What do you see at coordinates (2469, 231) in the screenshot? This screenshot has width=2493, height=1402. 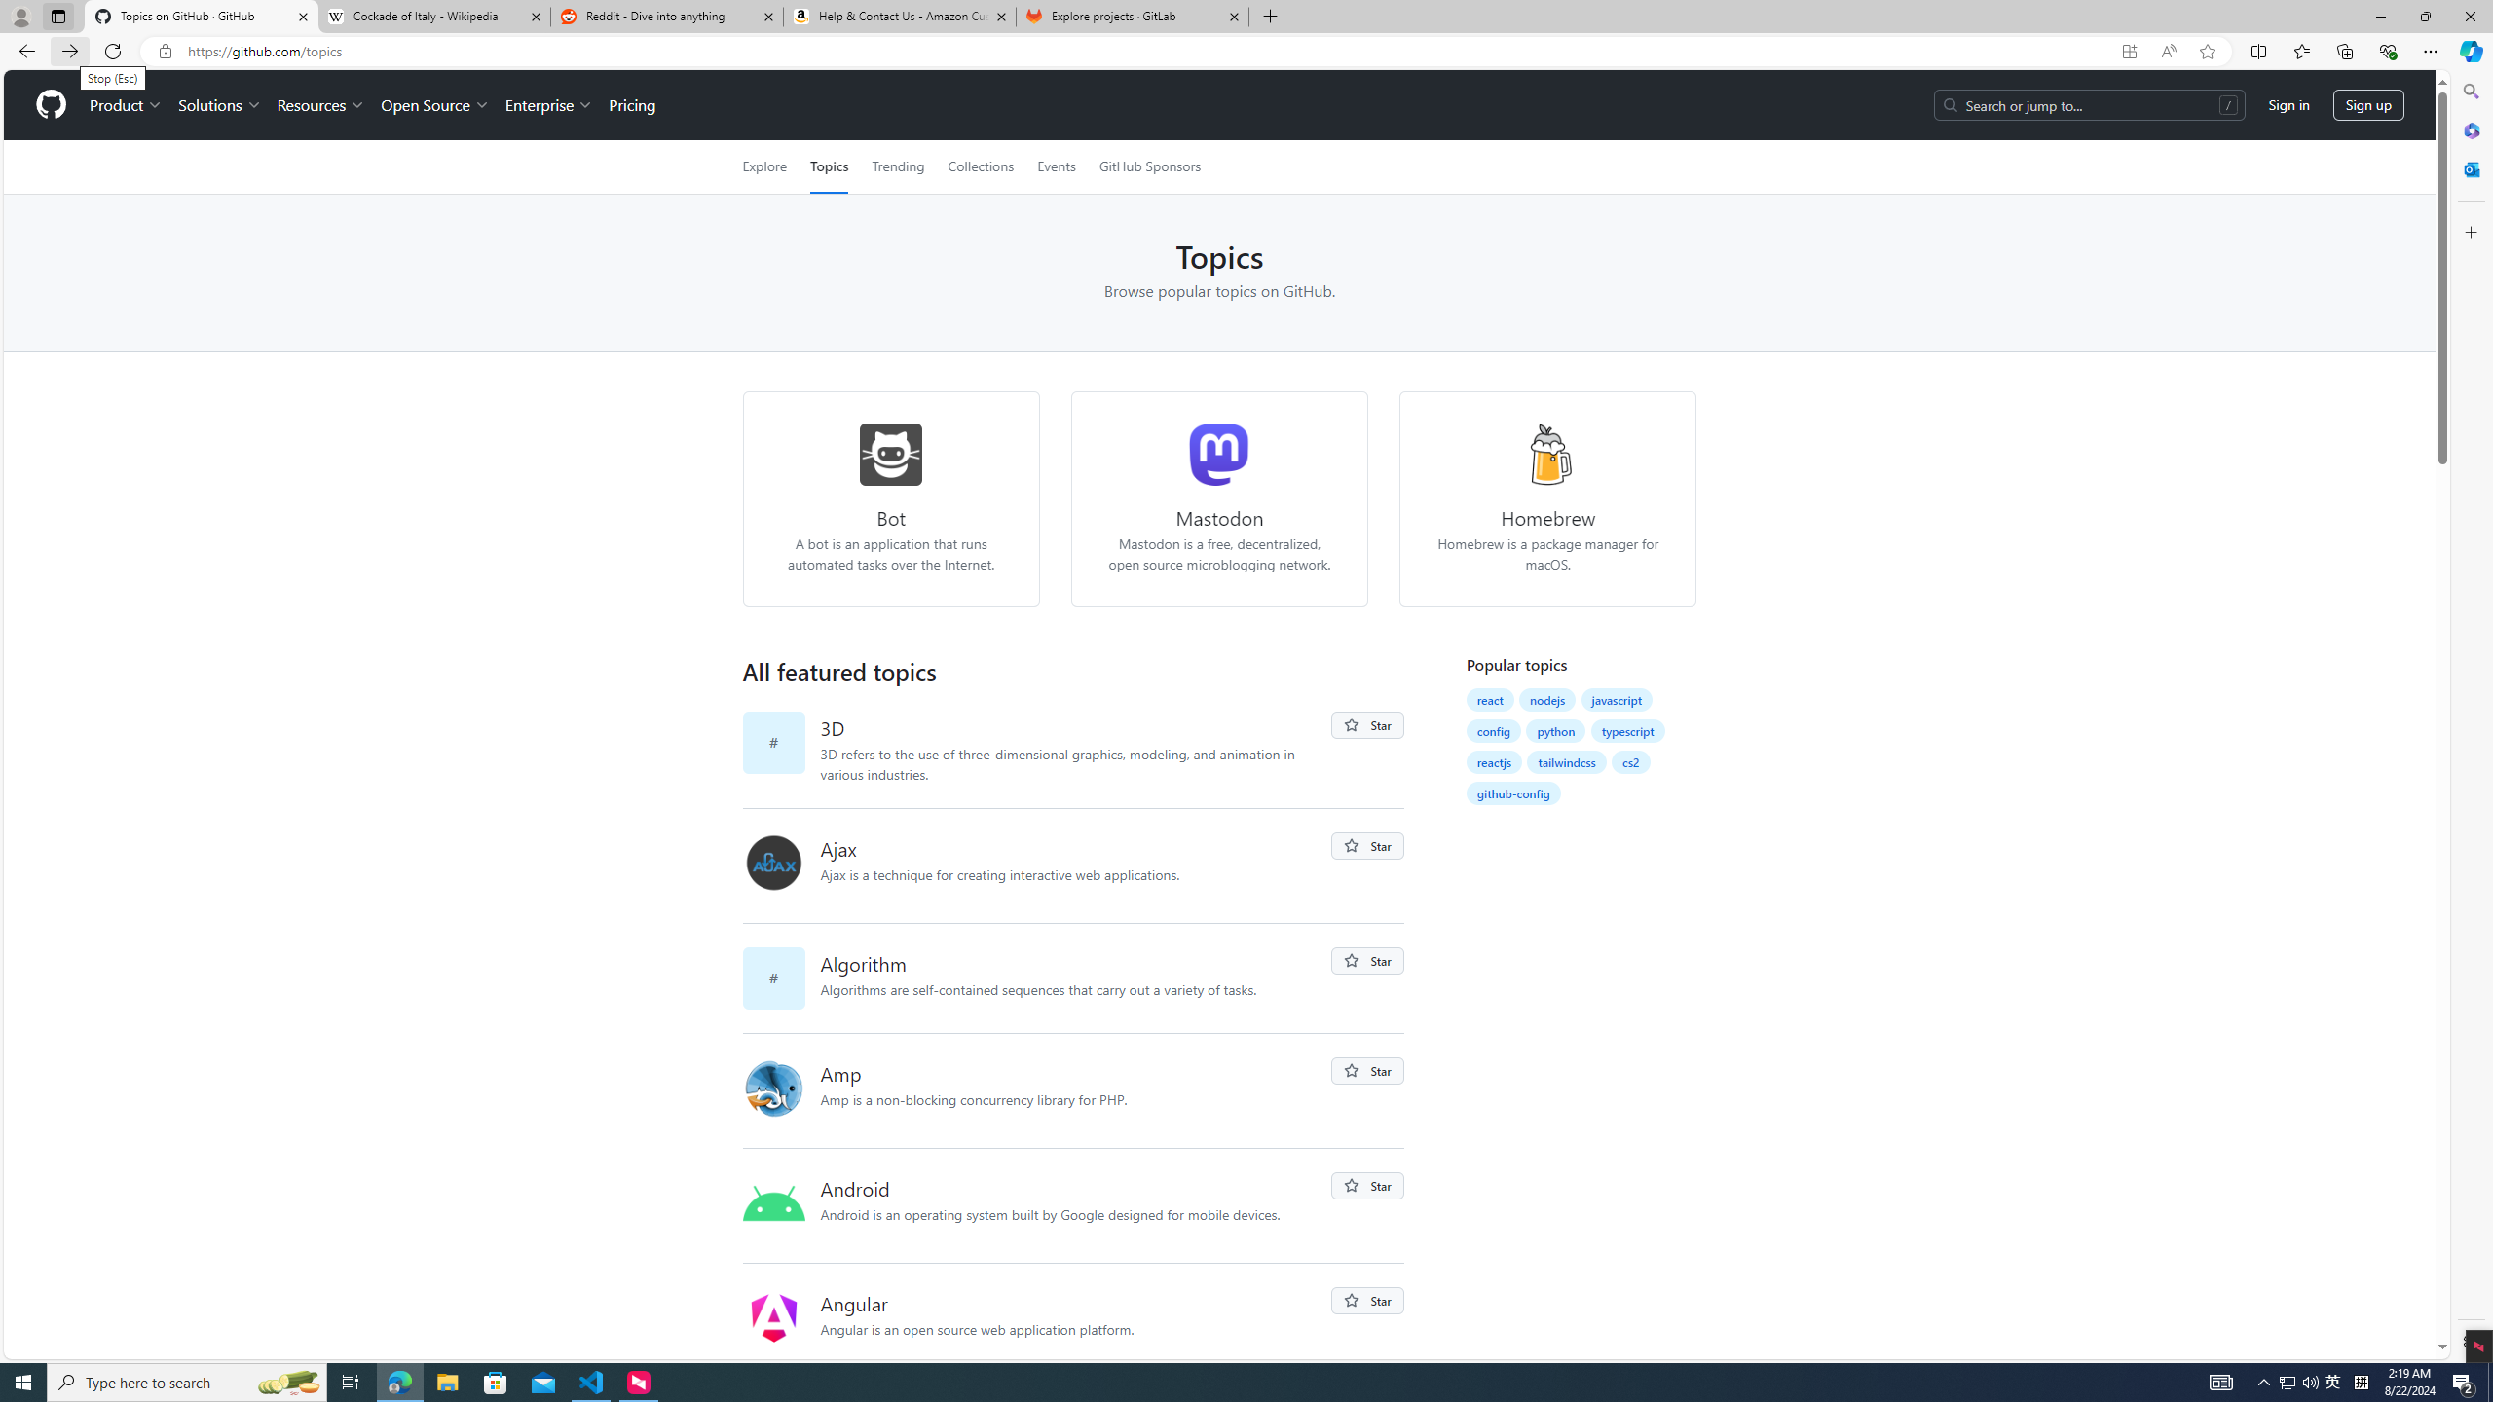 I see `'Customize'` at bounding box center [2469, 231].